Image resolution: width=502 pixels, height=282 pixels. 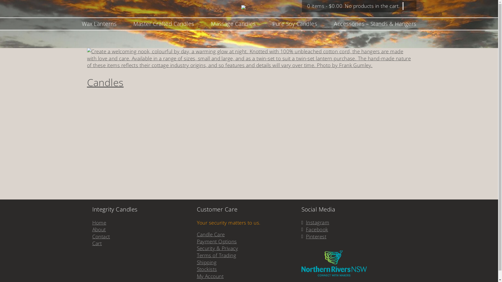 What do you see at coordinates (217, 248) in the screenshot?
I see `'Security & Privacy'` at bounding box center [217, 248].